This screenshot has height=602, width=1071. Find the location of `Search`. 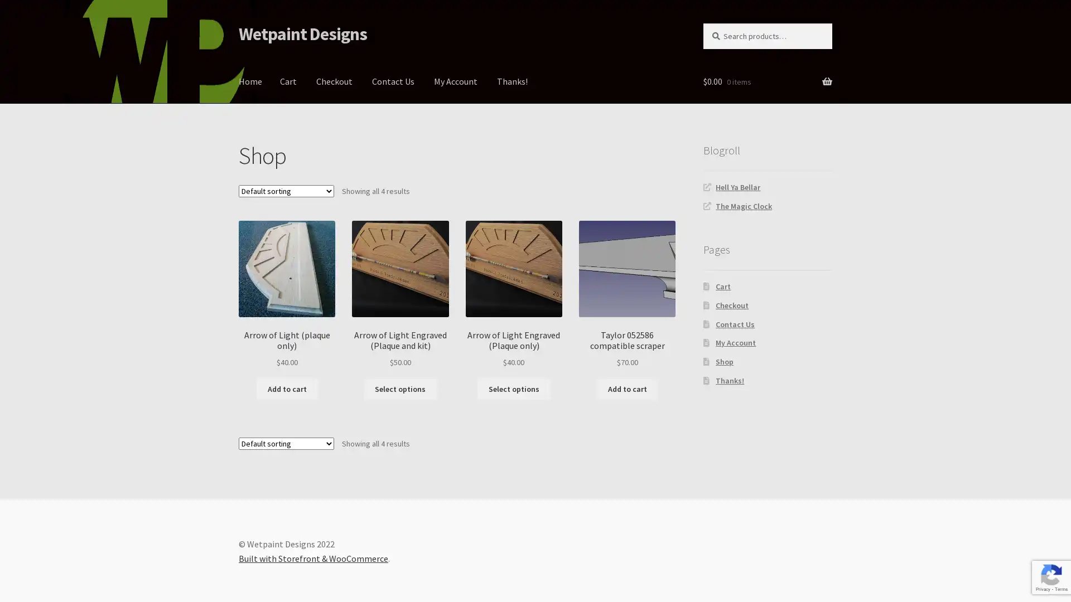

Search is located at coordinates (702, 22).